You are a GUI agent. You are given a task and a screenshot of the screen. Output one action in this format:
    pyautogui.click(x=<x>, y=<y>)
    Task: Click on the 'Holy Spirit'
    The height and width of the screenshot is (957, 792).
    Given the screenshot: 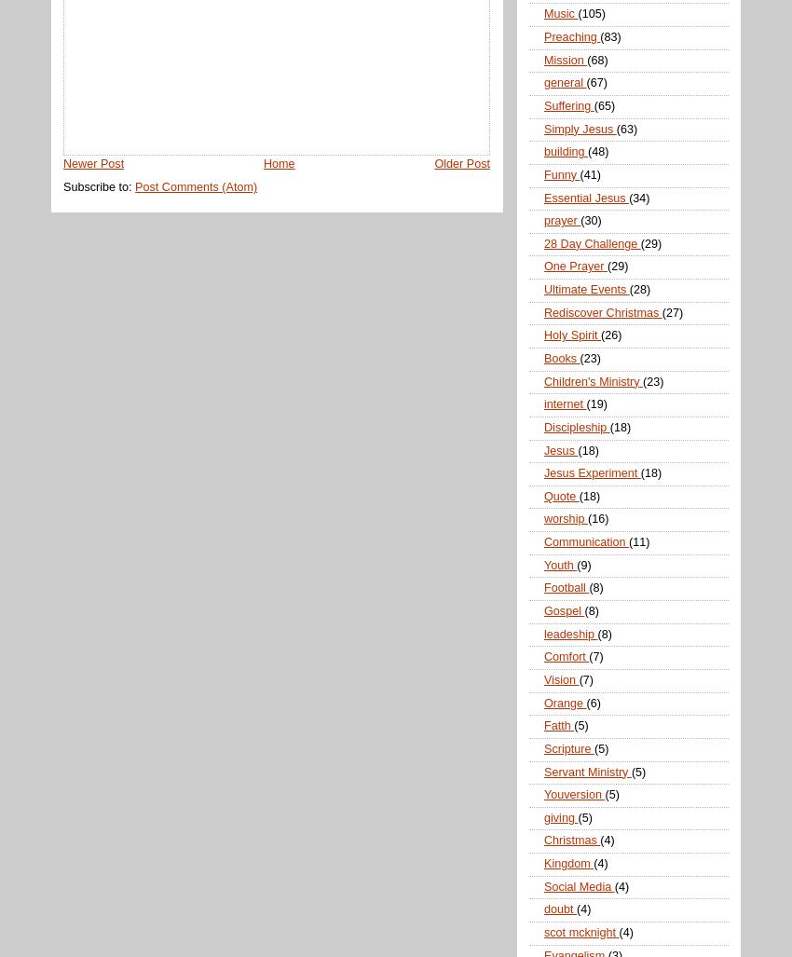 What is the action you would take?
    pyautogui.click(x=571, y=335)
    